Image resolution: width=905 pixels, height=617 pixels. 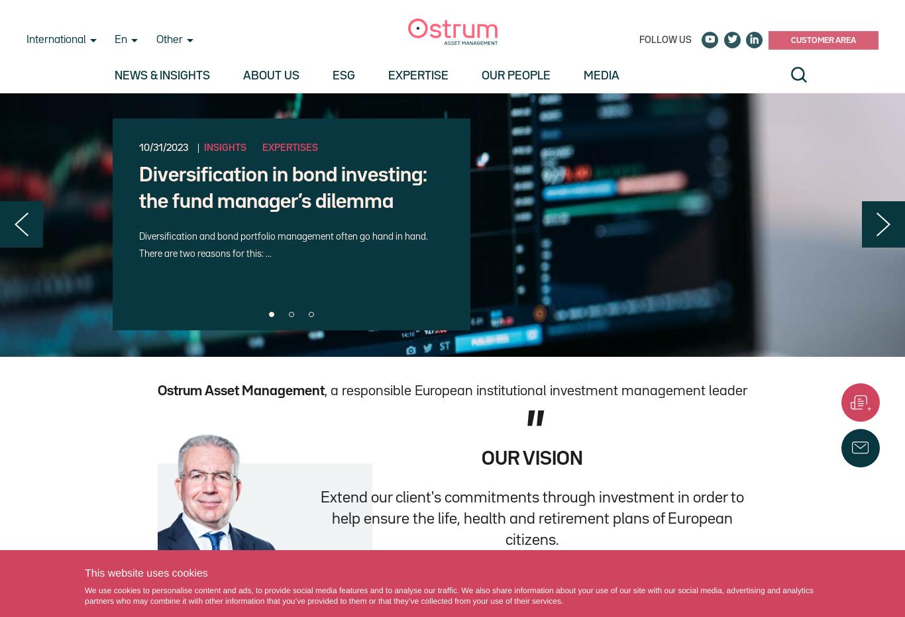 I want to click on 'Expertises', so click(x=612, y=470).